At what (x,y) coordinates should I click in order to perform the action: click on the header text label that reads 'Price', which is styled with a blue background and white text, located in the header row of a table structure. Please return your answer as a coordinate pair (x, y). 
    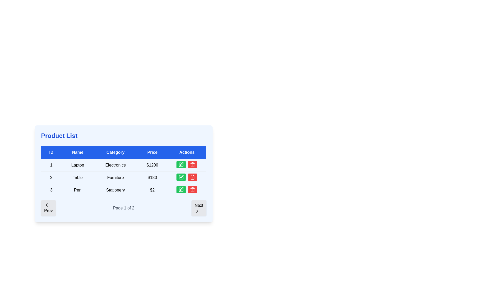
    Looking at the image, I should click on (152, 152).